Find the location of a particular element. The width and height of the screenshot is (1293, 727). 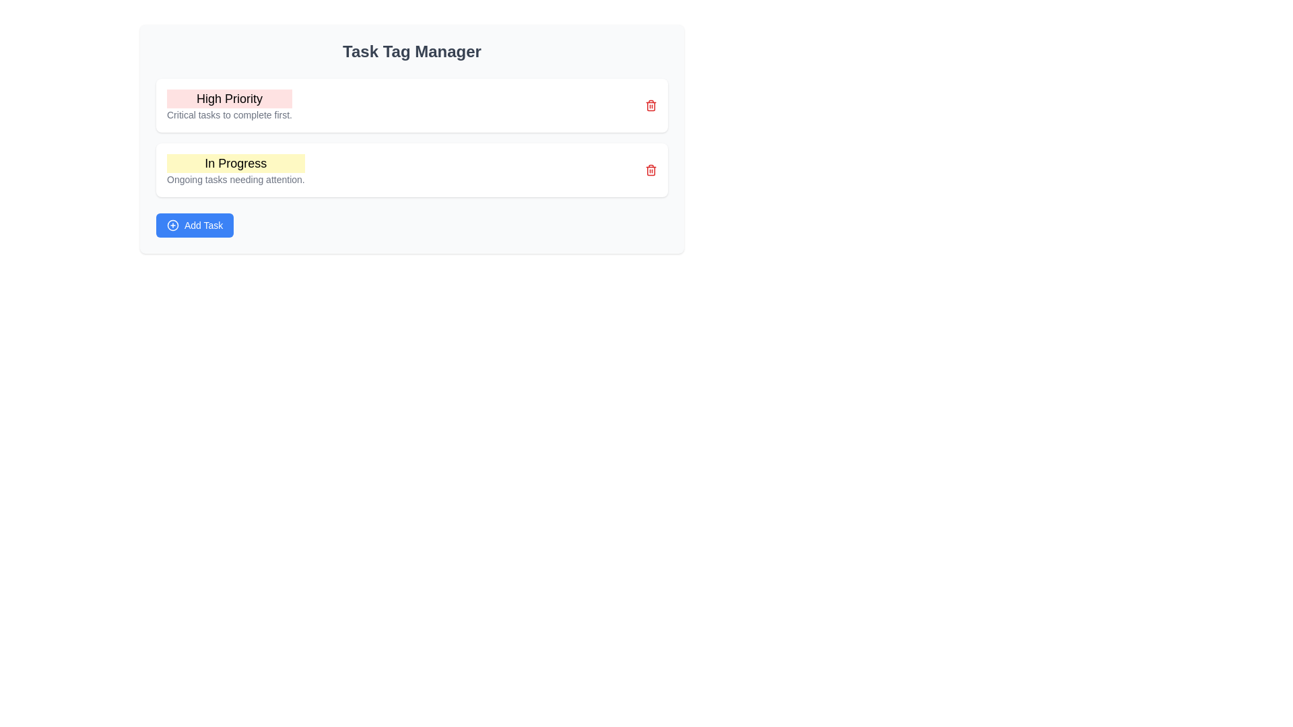

the status card indicating ongoing tasks, located below the 'High Priority' section in the 'Task Tag Manager' is located at coordinates (411, 170).